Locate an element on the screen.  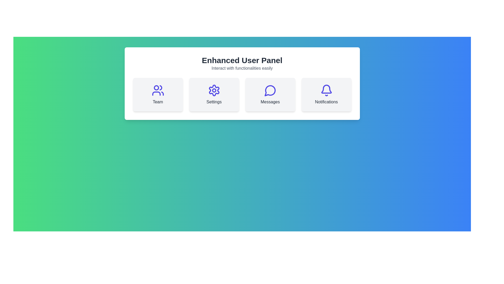
the 'Team' icon located within the first card of the horizontally-aligned set of four cards is located at coordinates (157, 90).